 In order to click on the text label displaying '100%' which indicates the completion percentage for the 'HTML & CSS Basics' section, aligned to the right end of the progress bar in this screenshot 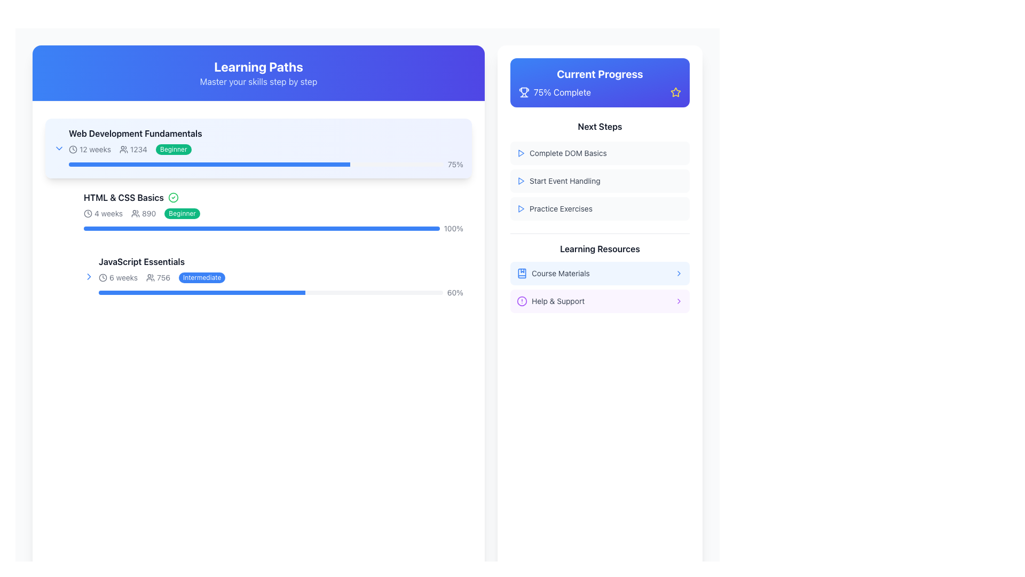, I will do `click(453, 228)`.